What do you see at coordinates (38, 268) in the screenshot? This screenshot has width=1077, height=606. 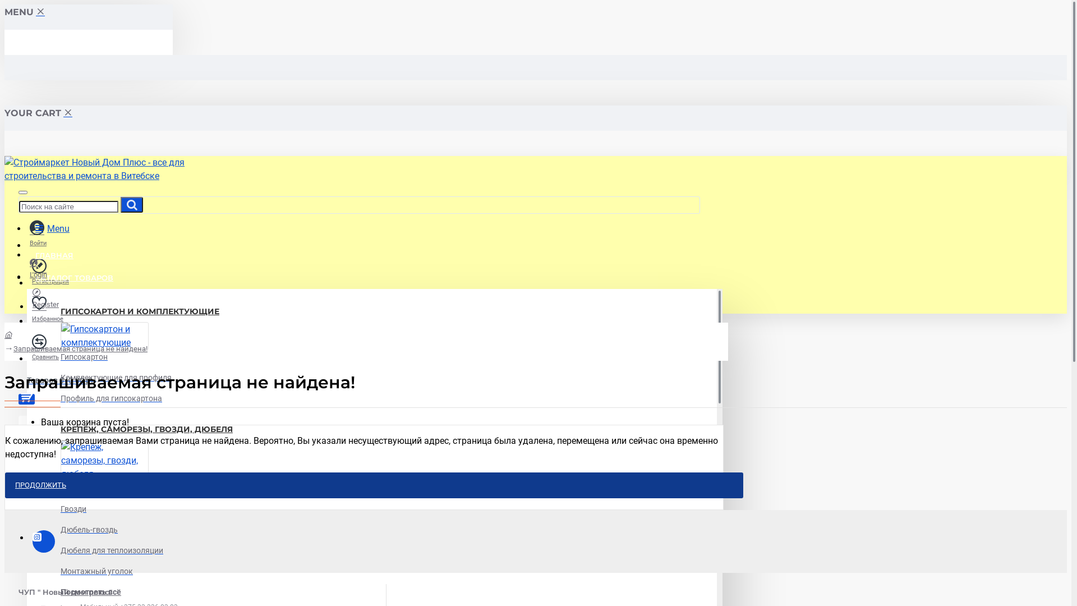 I see `'Login'` at bounding box center [38, 268].